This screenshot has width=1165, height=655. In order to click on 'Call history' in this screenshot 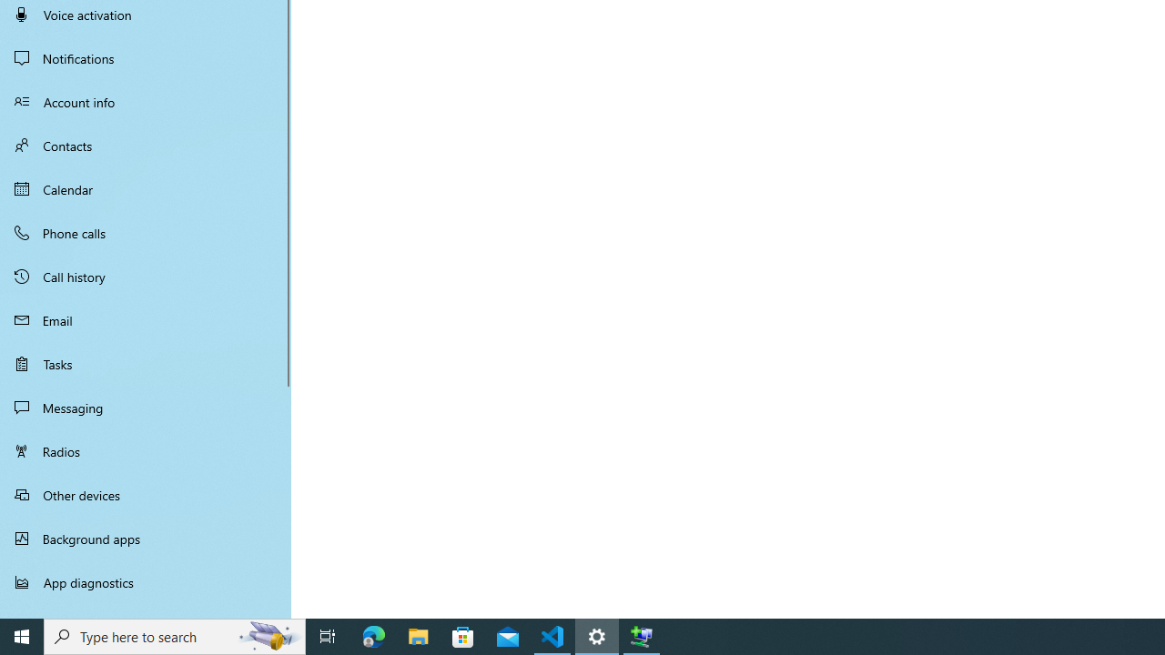, I will do `click(146, 277)`.